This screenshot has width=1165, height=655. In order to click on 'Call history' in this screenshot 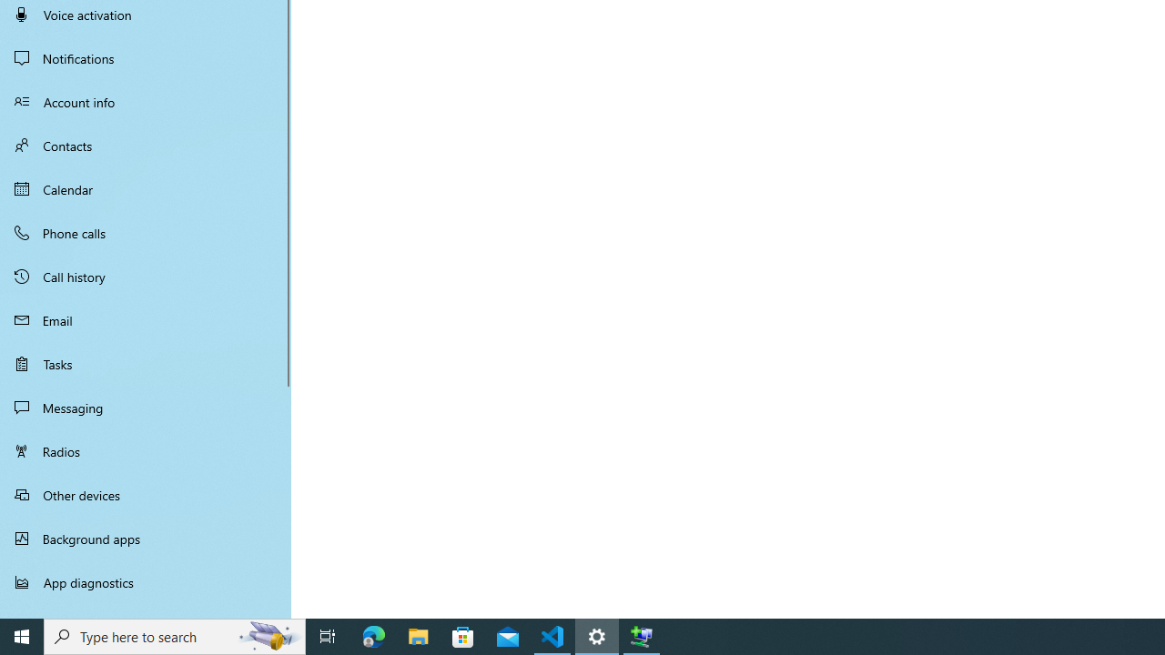, I will do `click(146, 277)`.